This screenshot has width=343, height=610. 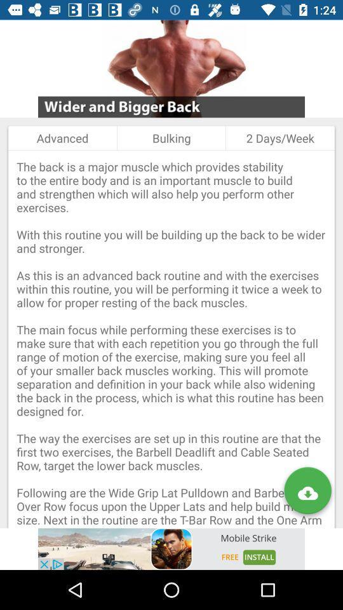 I want to click on download article button, so click(x=307, y=492).